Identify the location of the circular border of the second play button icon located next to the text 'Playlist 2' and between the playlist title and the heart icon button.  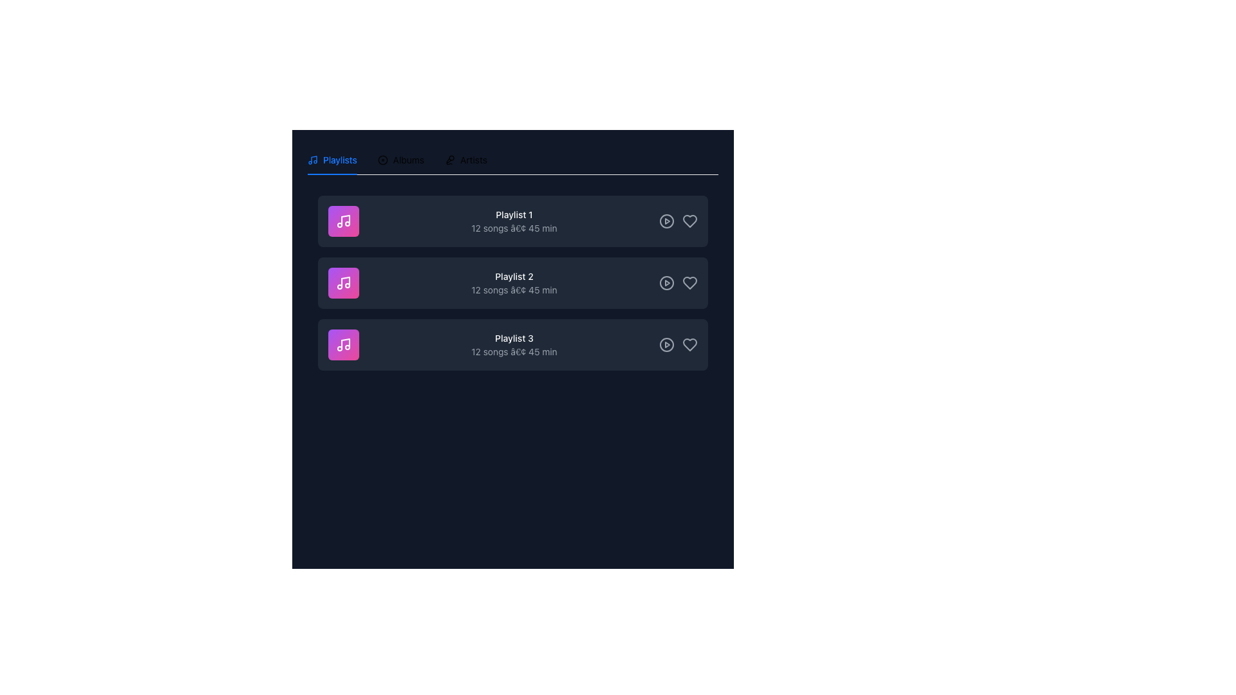
(667, 282).